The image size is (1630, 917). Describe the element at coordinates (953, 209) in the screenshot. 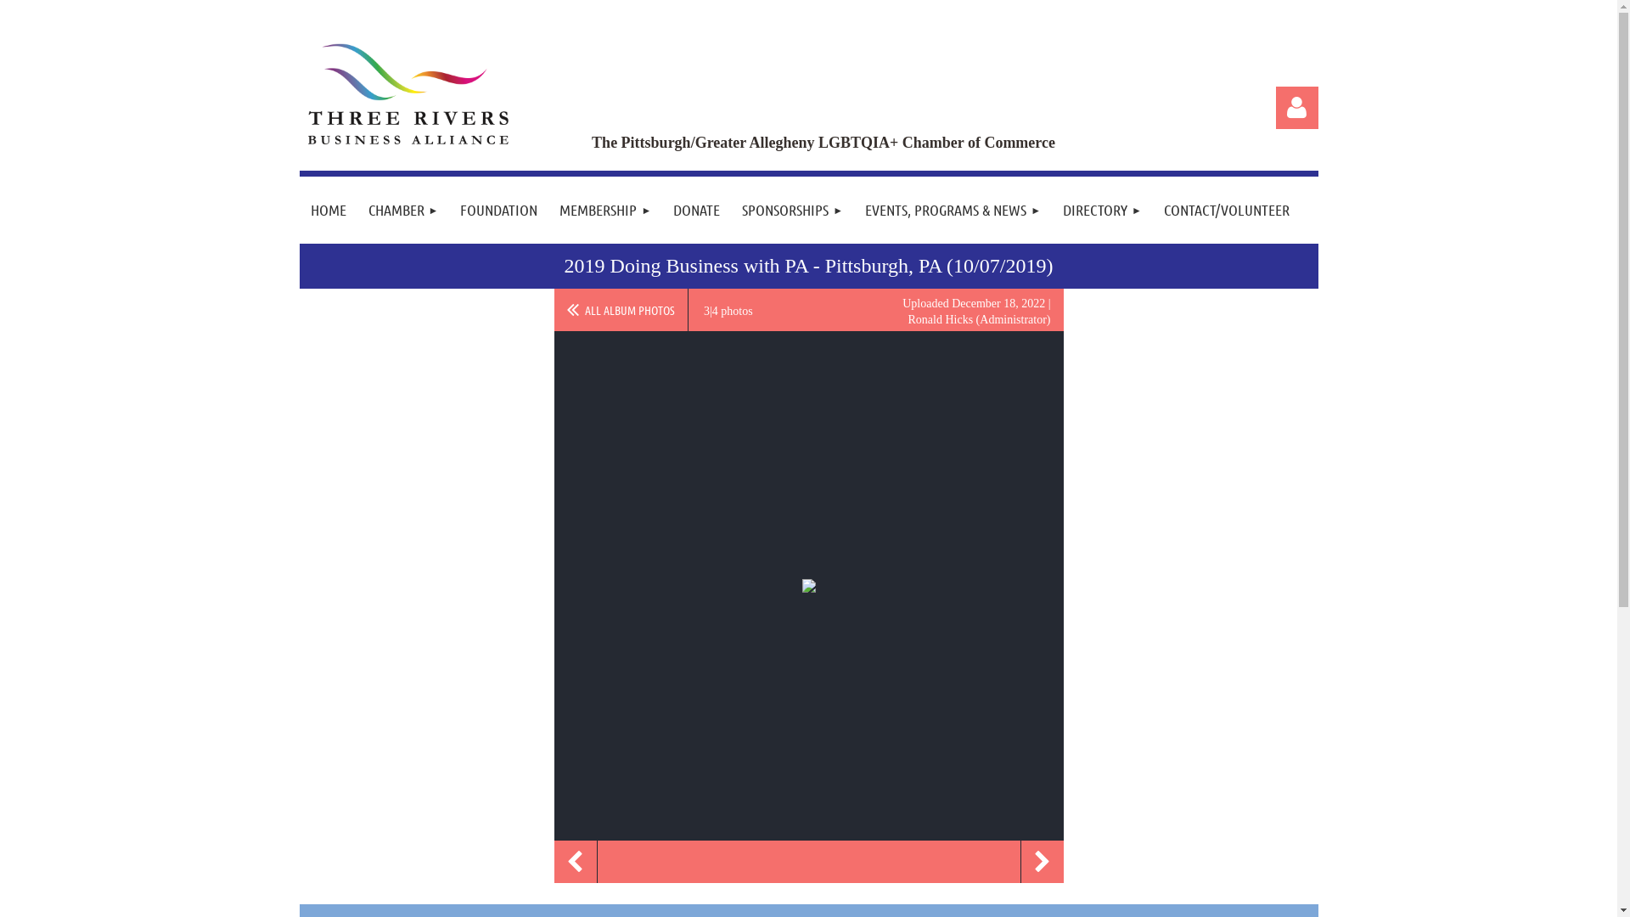

I see `'EVENTS, PROGRAMS & NEWS'` at that location.